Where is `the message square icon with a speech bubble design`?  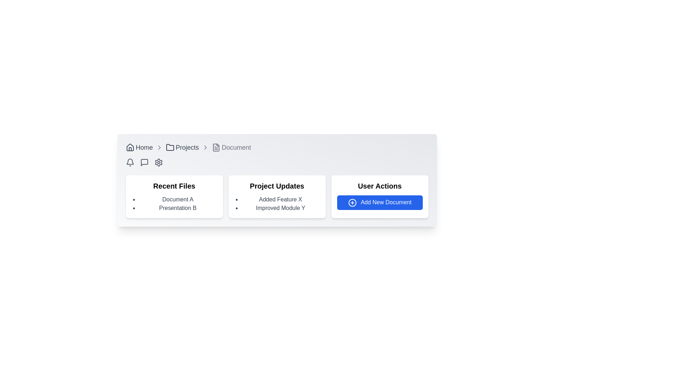 the message square icon with a speech bubble design is located at coordinates (144, 162).